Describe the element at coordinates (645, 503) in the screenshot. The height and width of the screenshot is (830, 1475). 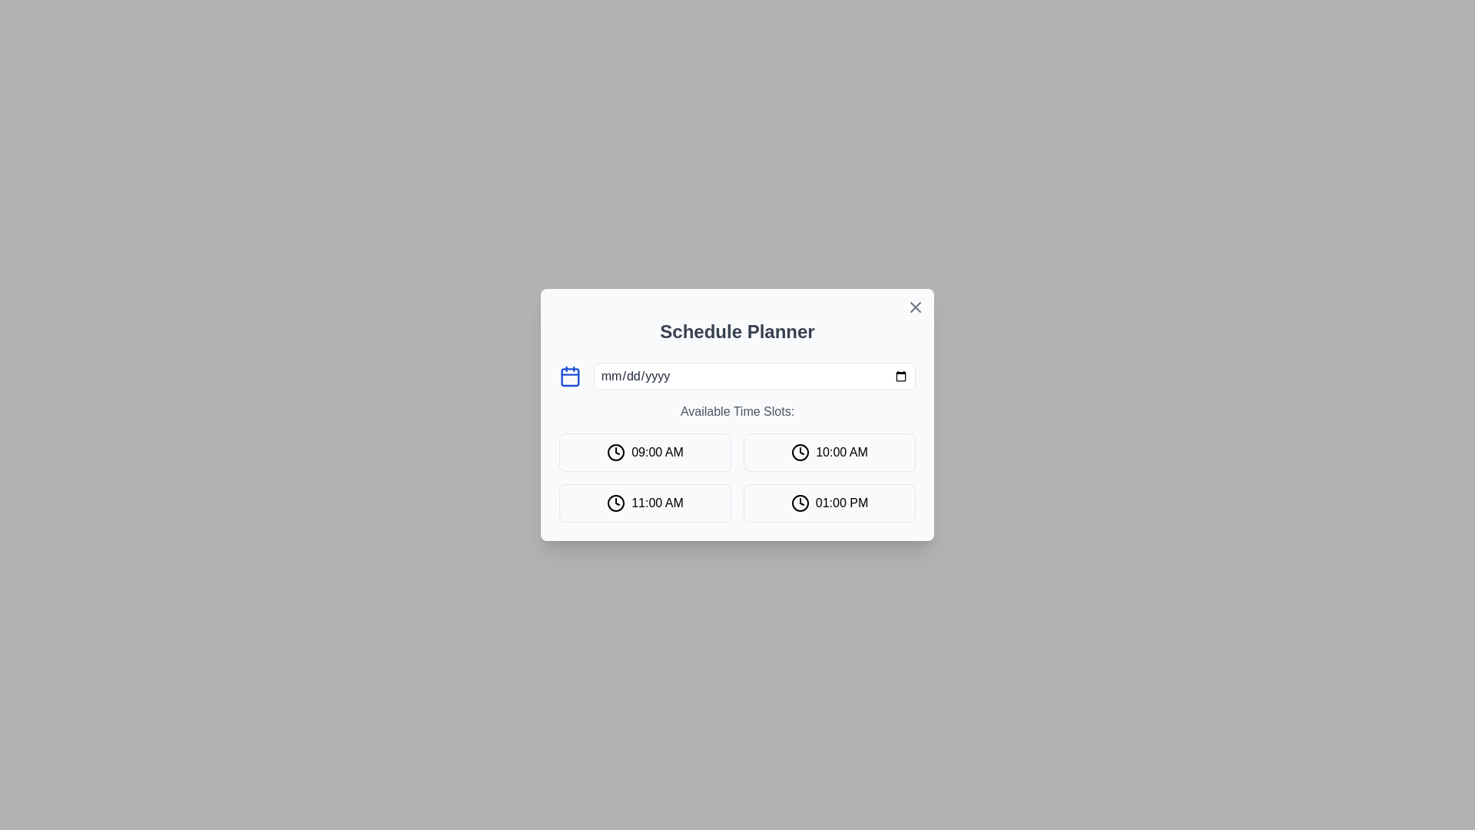
I see `the button representing the selectable time slot '11:00 AM', which is located in the second row and first column of the time slots grid, below '09:00 AM' and to the left of '01:00 PM'` at that location.